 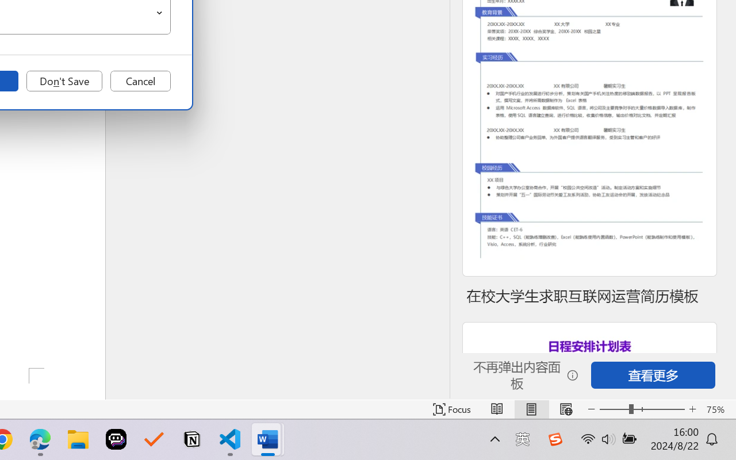 I want to click on 'Print Layout', so click(x=531, y=409).